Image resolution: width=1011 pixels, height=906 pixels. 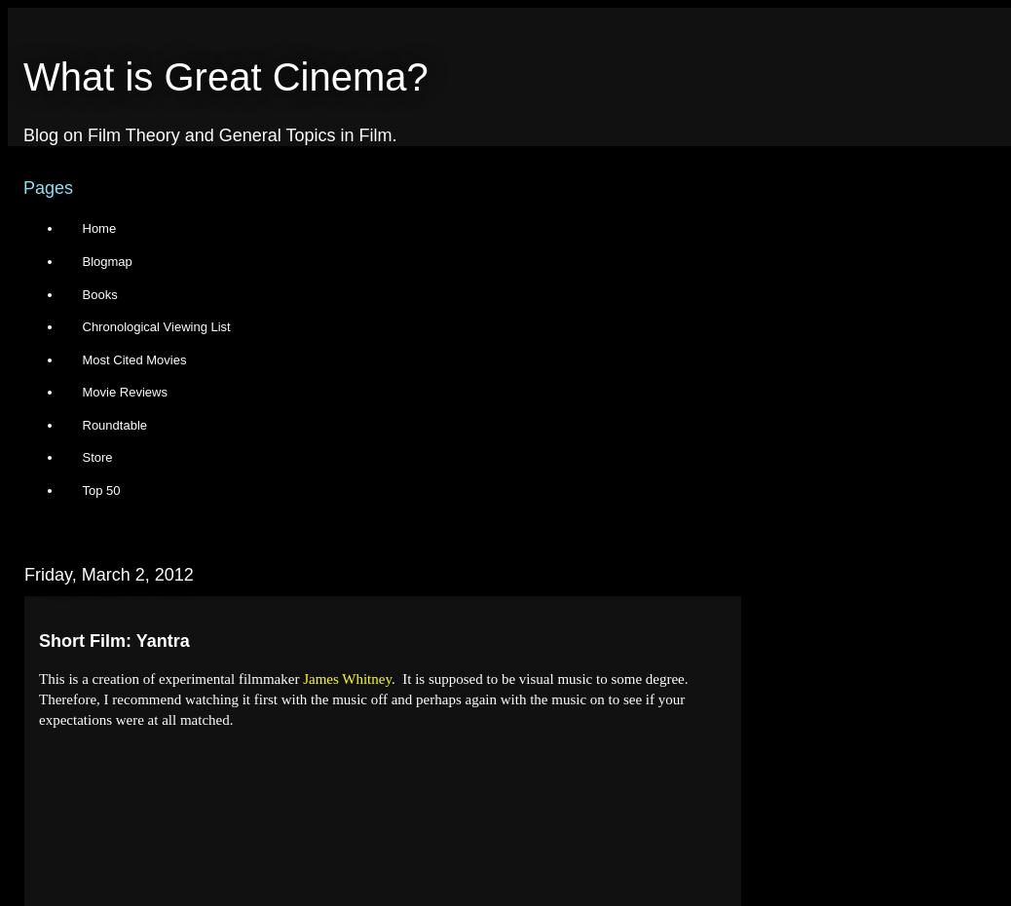 I want to click on 'Roundtable', so click(x=113, y=424).